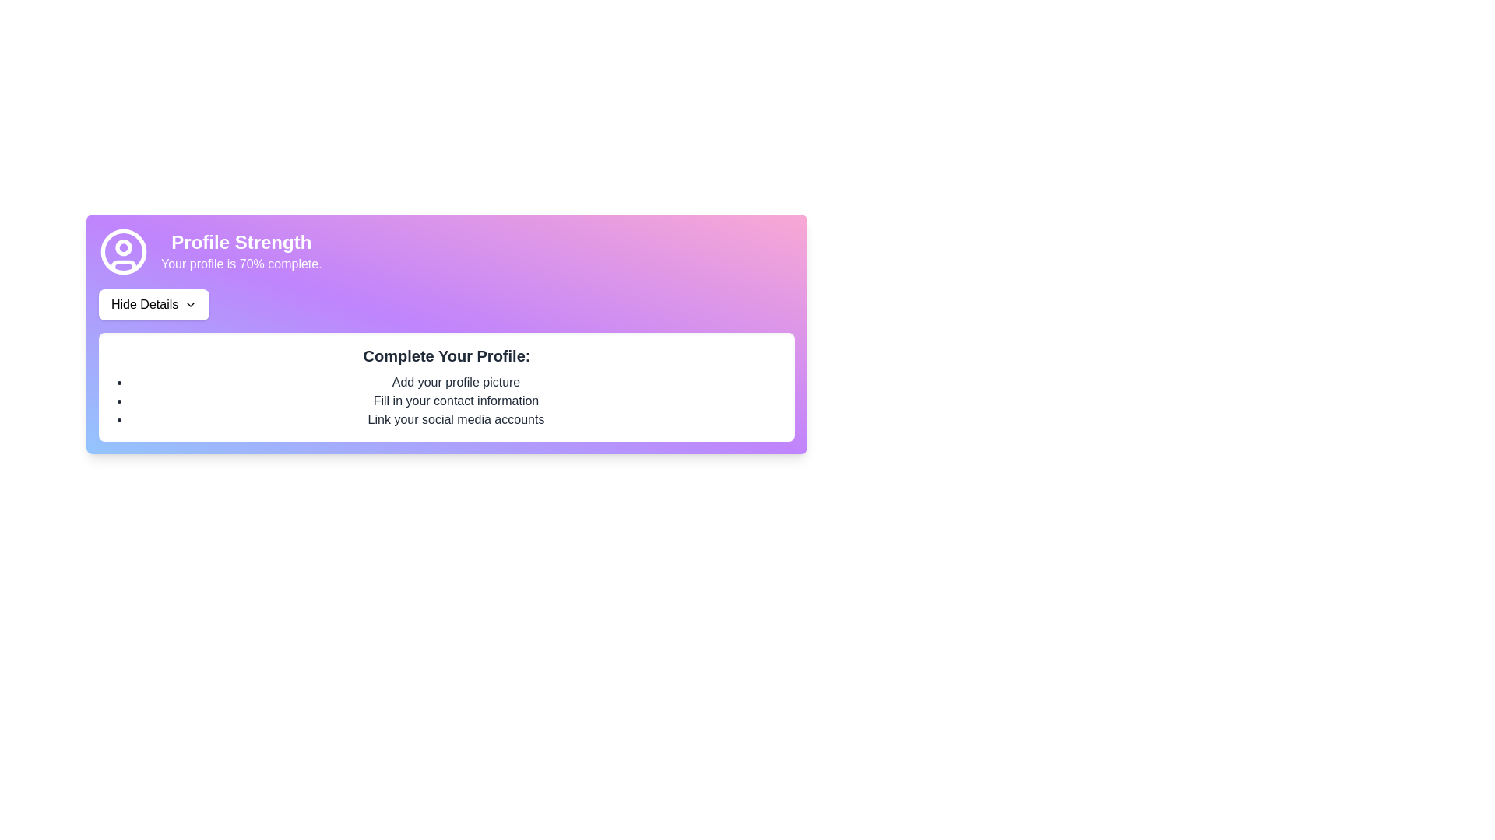 The image size is (1495, 840). What do you see at coordinates (154, 305) in the screenshot?
I see `the 'Hide Details' button, which is styled with black text on a white background and includes a downward arrow icon, located beneath 'Your profile is 70% complete.'` at bounding box center [154, 305].